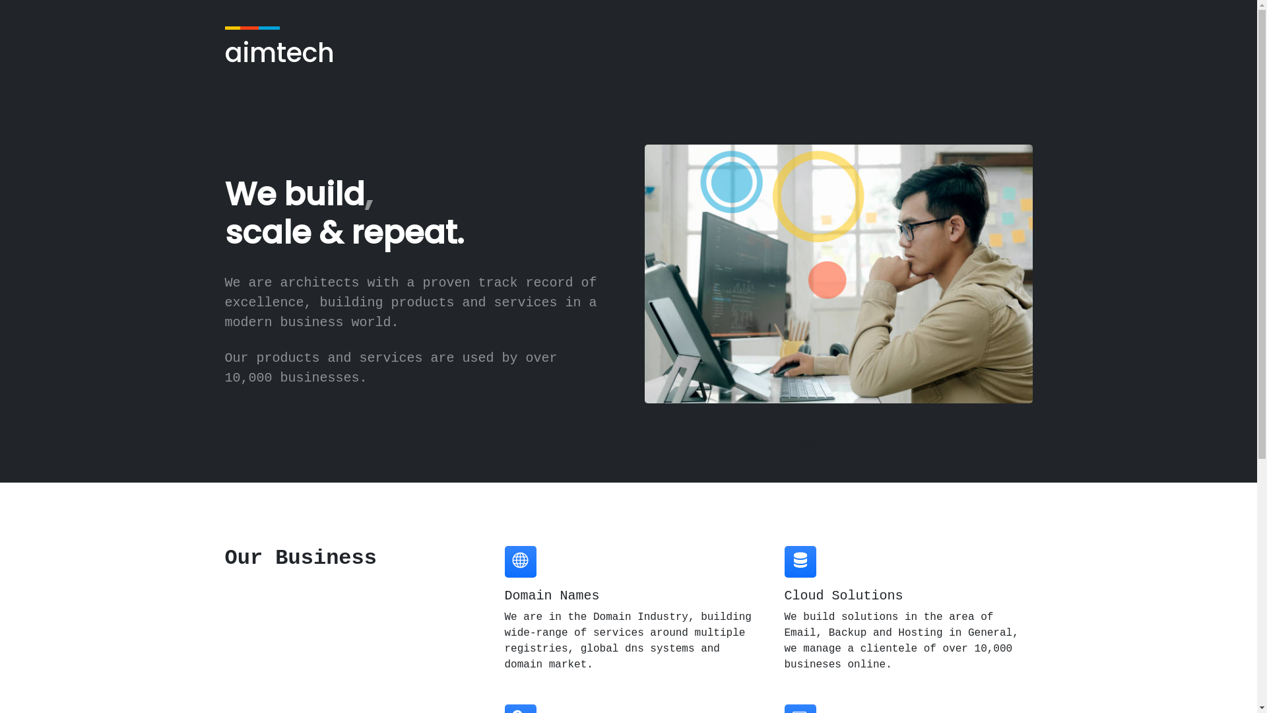  I want to click on 'aimtech', so click(224, 50).